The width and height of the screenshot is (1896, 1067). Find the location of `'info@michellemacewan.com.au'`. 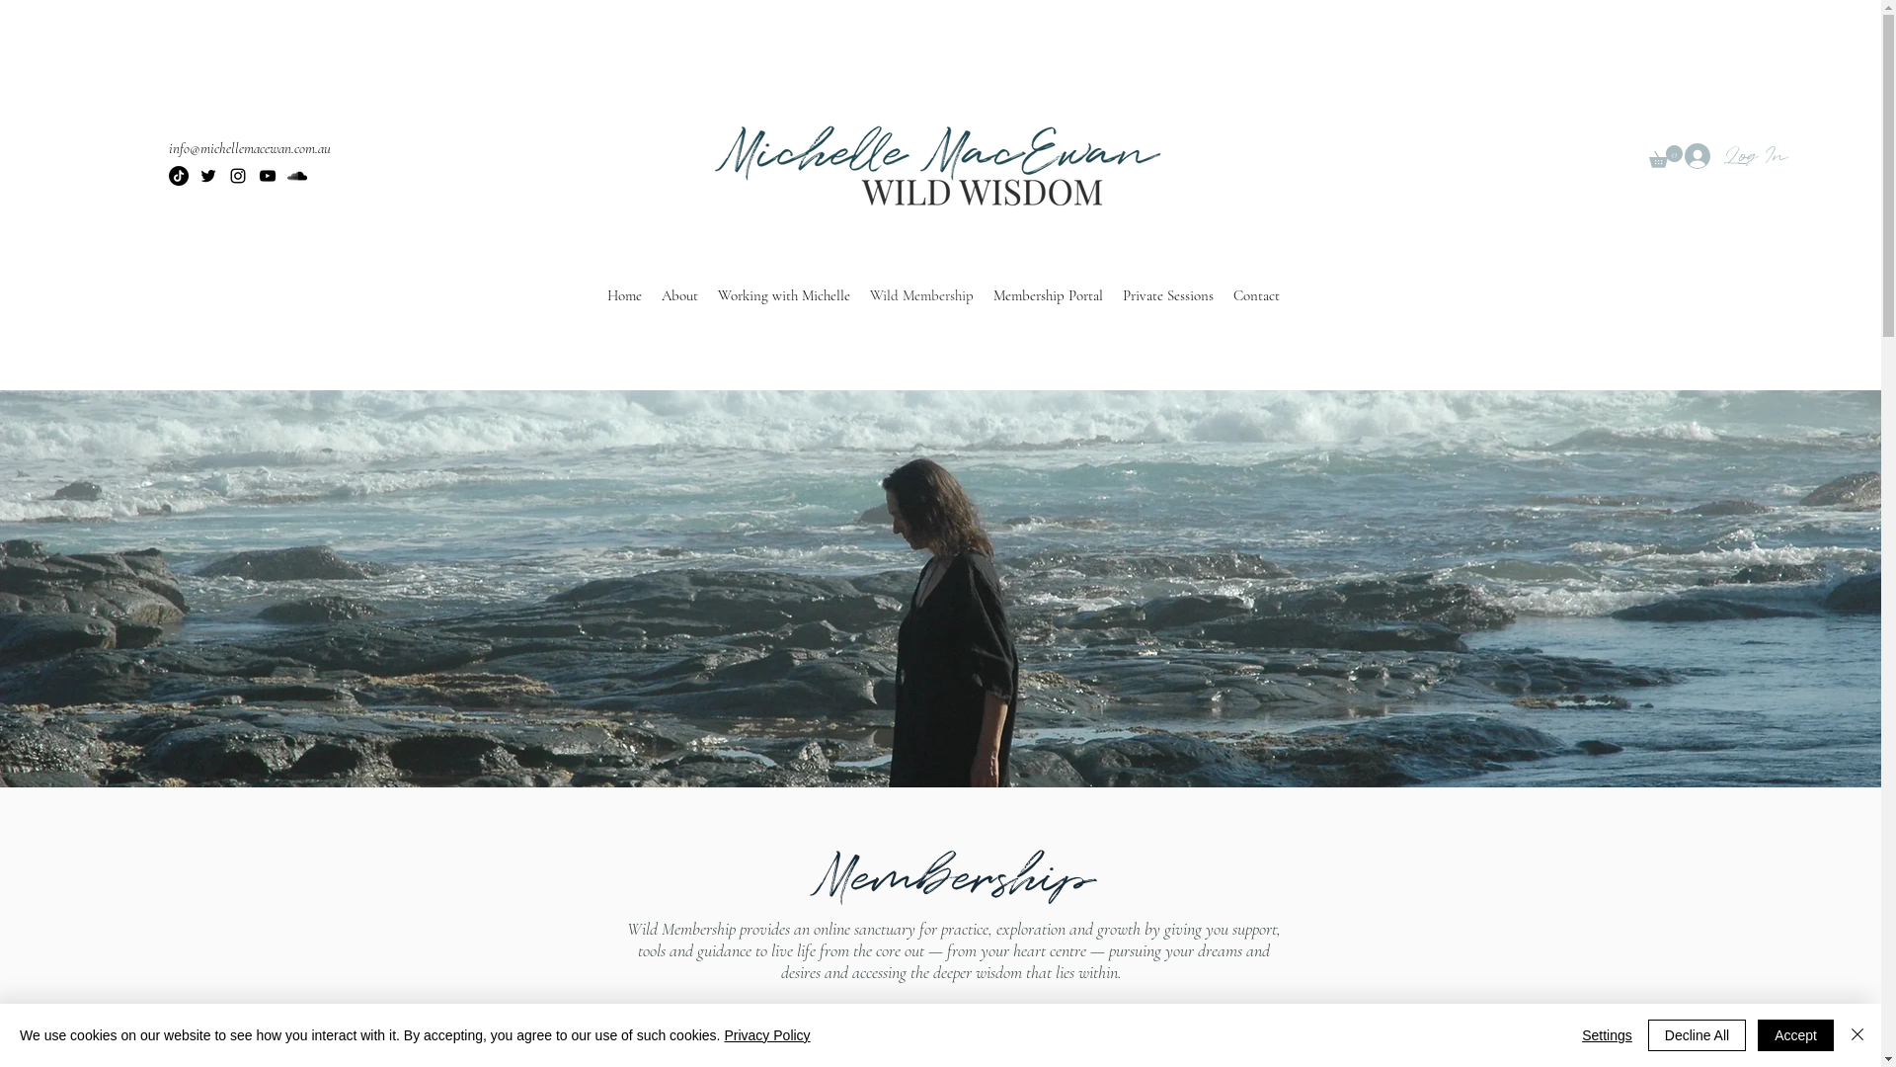

'info@michellemacewan.com.au' is located at coordinates (249, 147).